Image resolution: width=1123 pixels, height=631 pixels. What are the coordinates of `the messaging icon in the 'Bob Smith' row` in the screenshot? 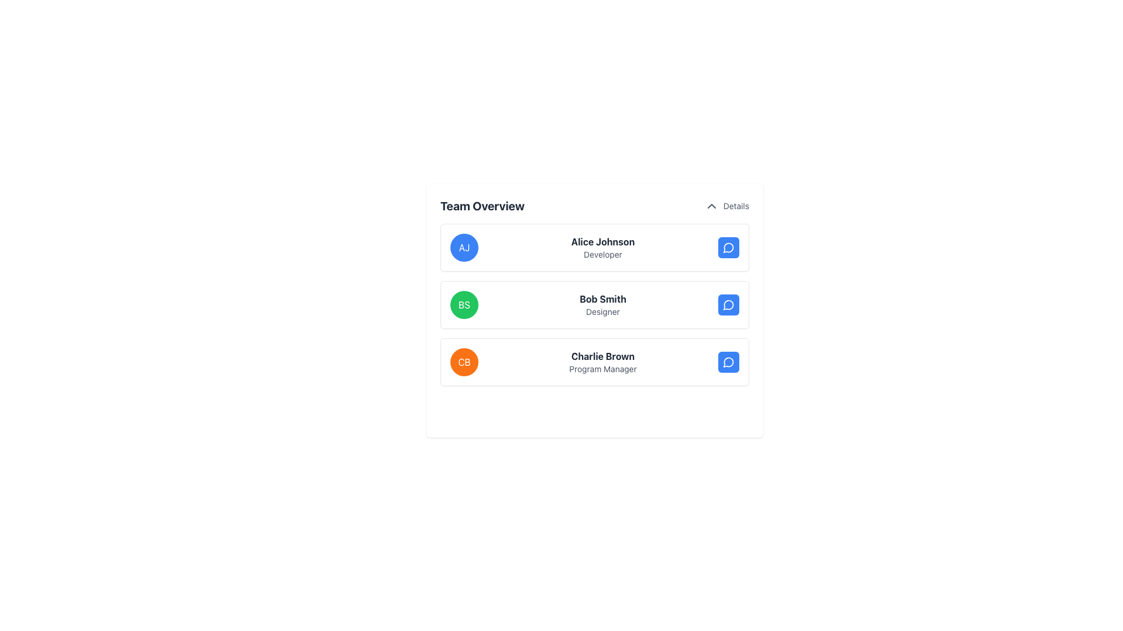 It's located at (728, 304).